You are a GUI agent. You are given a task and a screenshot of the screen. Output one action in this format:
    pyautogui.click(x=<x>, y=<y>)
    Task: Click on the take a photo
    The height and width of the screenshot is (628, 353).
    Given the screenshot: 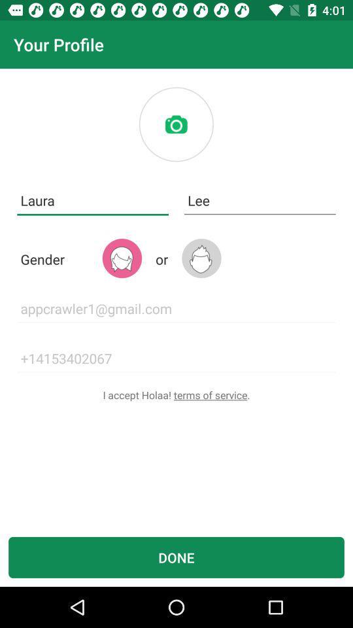 What is the action you would take?
    pyautogui.click(x=176, y=124)
    